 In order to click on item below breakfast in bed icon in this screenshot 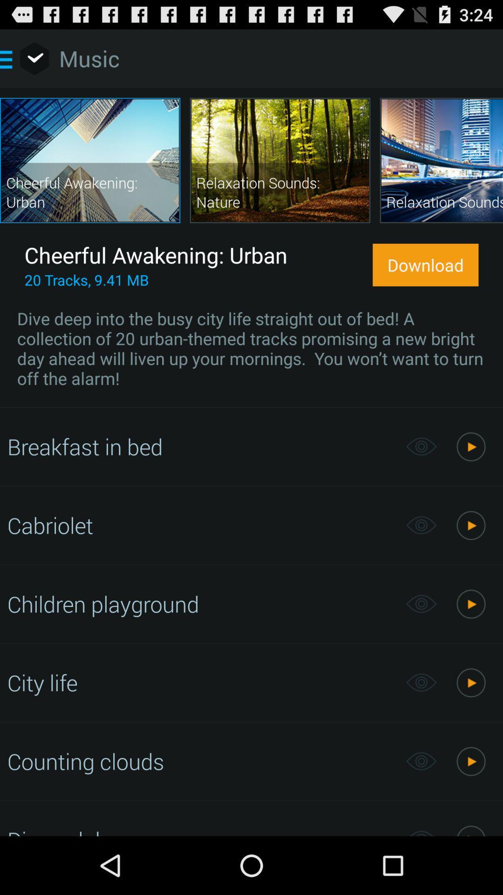, I will do `click(201, 525)`.